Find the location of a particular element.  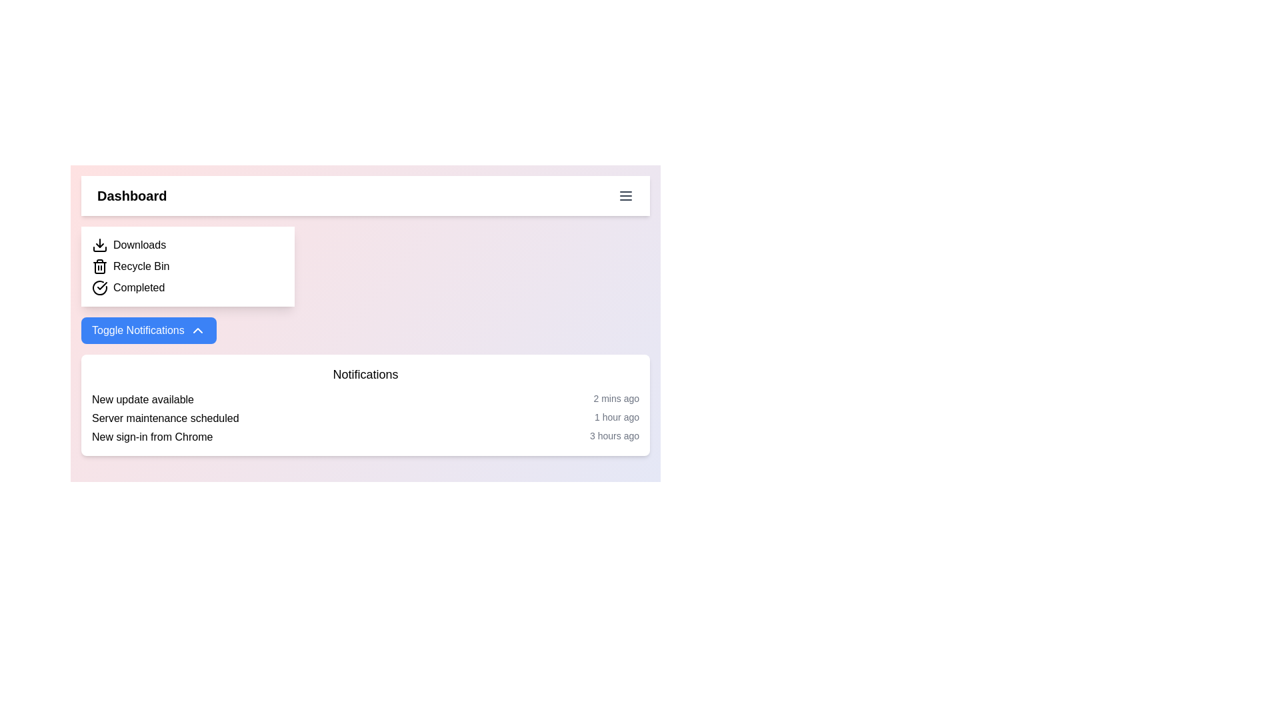

the hamburger menu button located at the top-right corner of the header bar is located at coordinates (625, 195).